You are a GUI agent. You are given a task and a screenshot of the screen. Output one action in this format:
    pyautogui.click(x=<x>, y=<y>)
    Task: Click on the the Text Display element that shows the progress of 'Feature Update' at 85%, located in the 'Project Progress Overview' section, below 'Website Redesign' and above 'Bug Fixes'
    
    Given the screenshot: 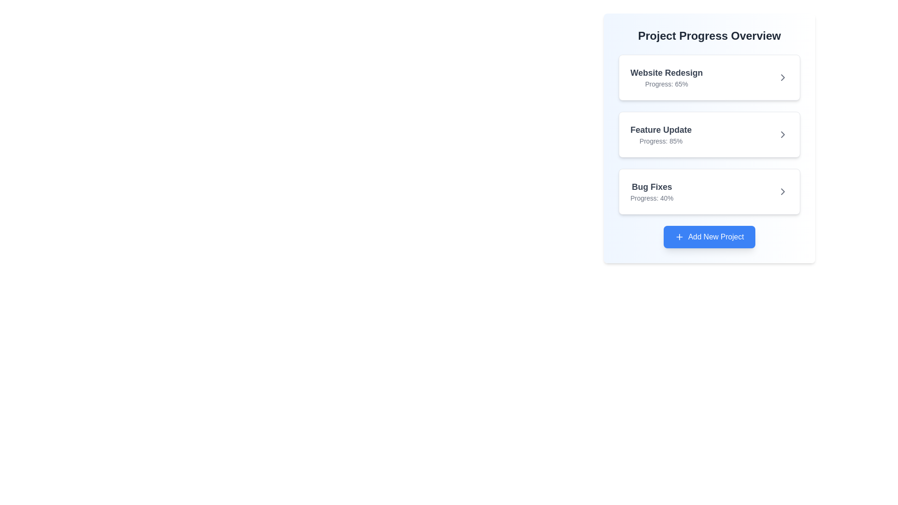 What is the action you would take?
    pyautogui.click(x=660, y=135)
    